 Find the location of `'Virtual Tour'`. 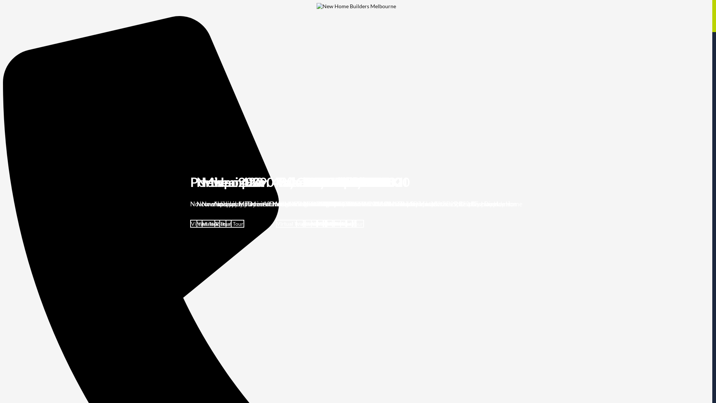

'Virtual Tour' is located at coordinates (332, 223).